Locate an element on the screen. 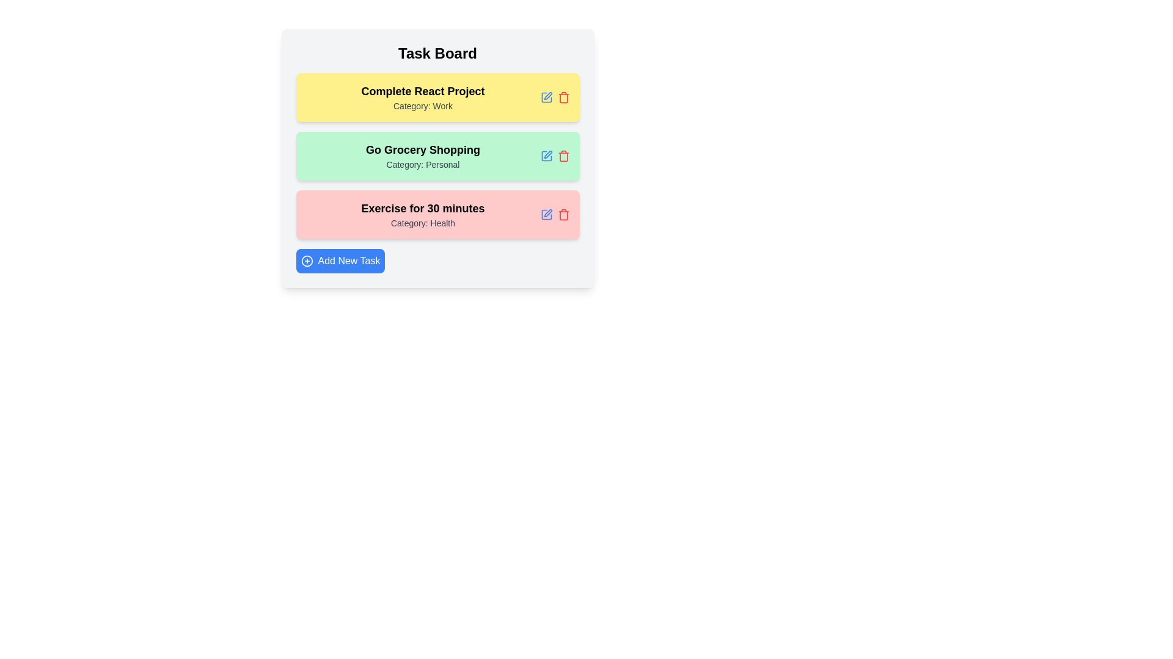 The height and width of the screenshot is (659, 1173). the edit button for the task titled 'Go Grocery Shopping' is located at coordinates (546, 155).